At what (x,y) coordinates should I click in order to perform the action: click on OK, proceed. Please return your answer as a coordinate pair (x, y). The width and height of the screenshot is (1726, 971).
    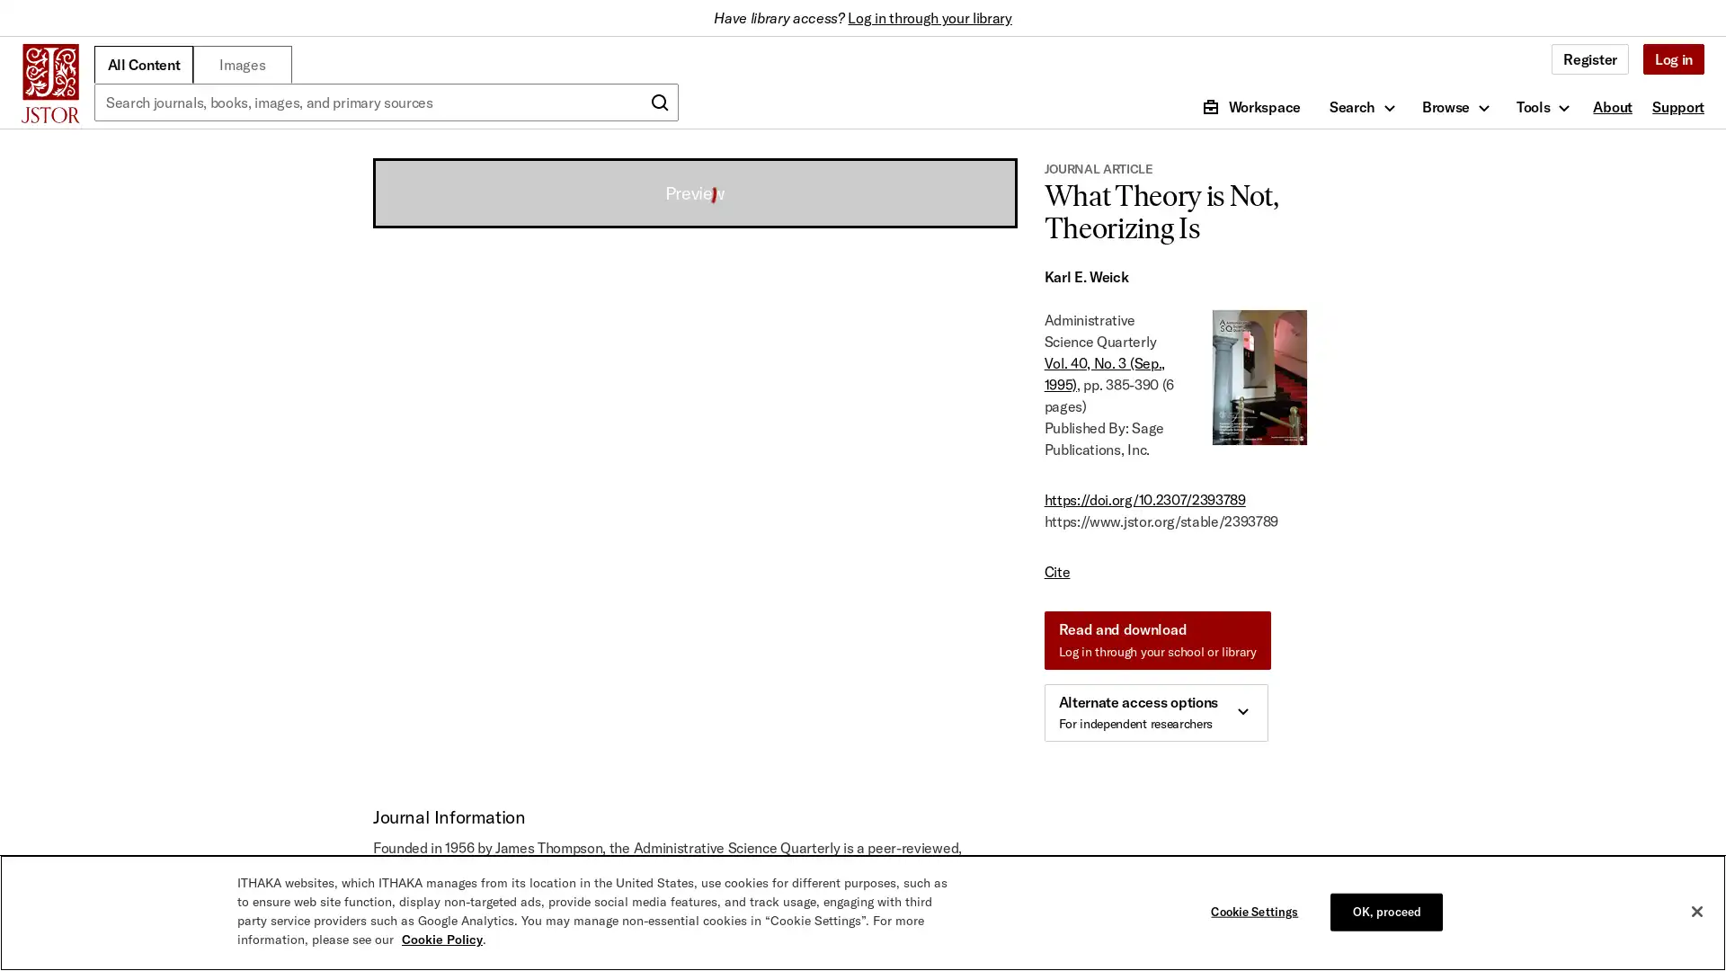
    Looking at the image, I should click on (1385, 912).